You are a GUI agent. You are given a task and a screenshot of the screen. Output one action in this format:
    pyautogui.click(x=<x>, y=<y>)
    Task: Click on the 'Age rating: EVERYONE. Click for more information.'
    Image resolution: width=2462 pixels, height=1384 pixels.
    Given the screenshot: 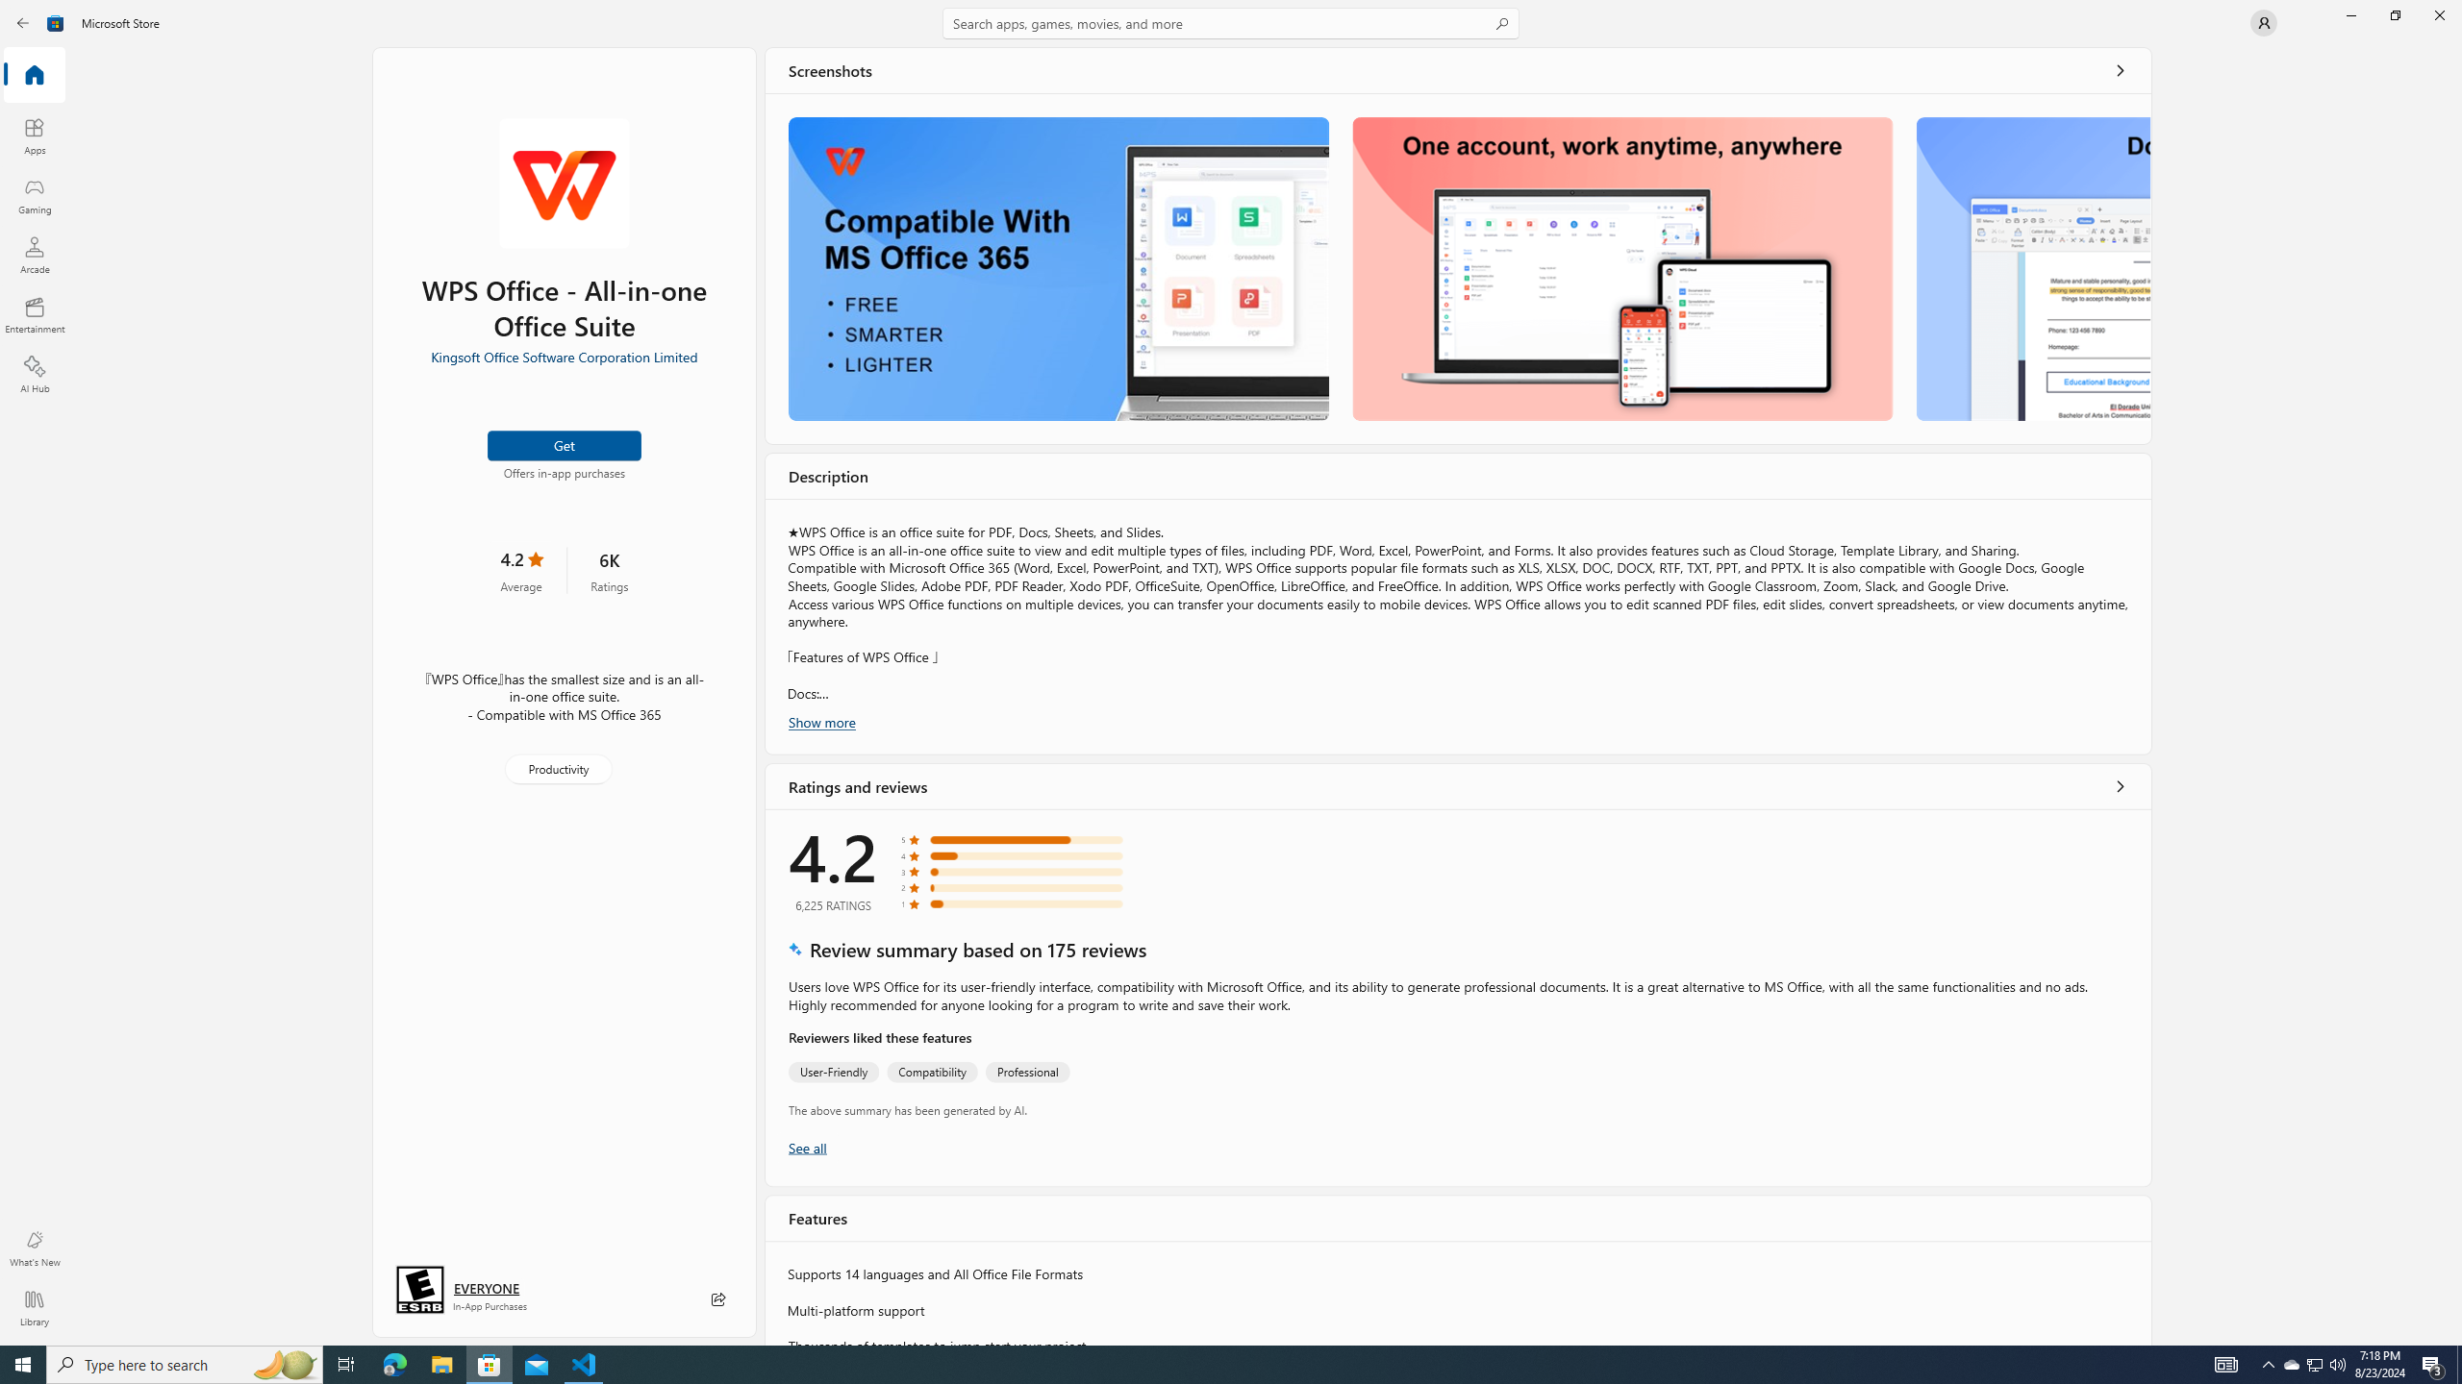 What is the action you would take?
    pyautogui.click(x=486, y=1288)
    